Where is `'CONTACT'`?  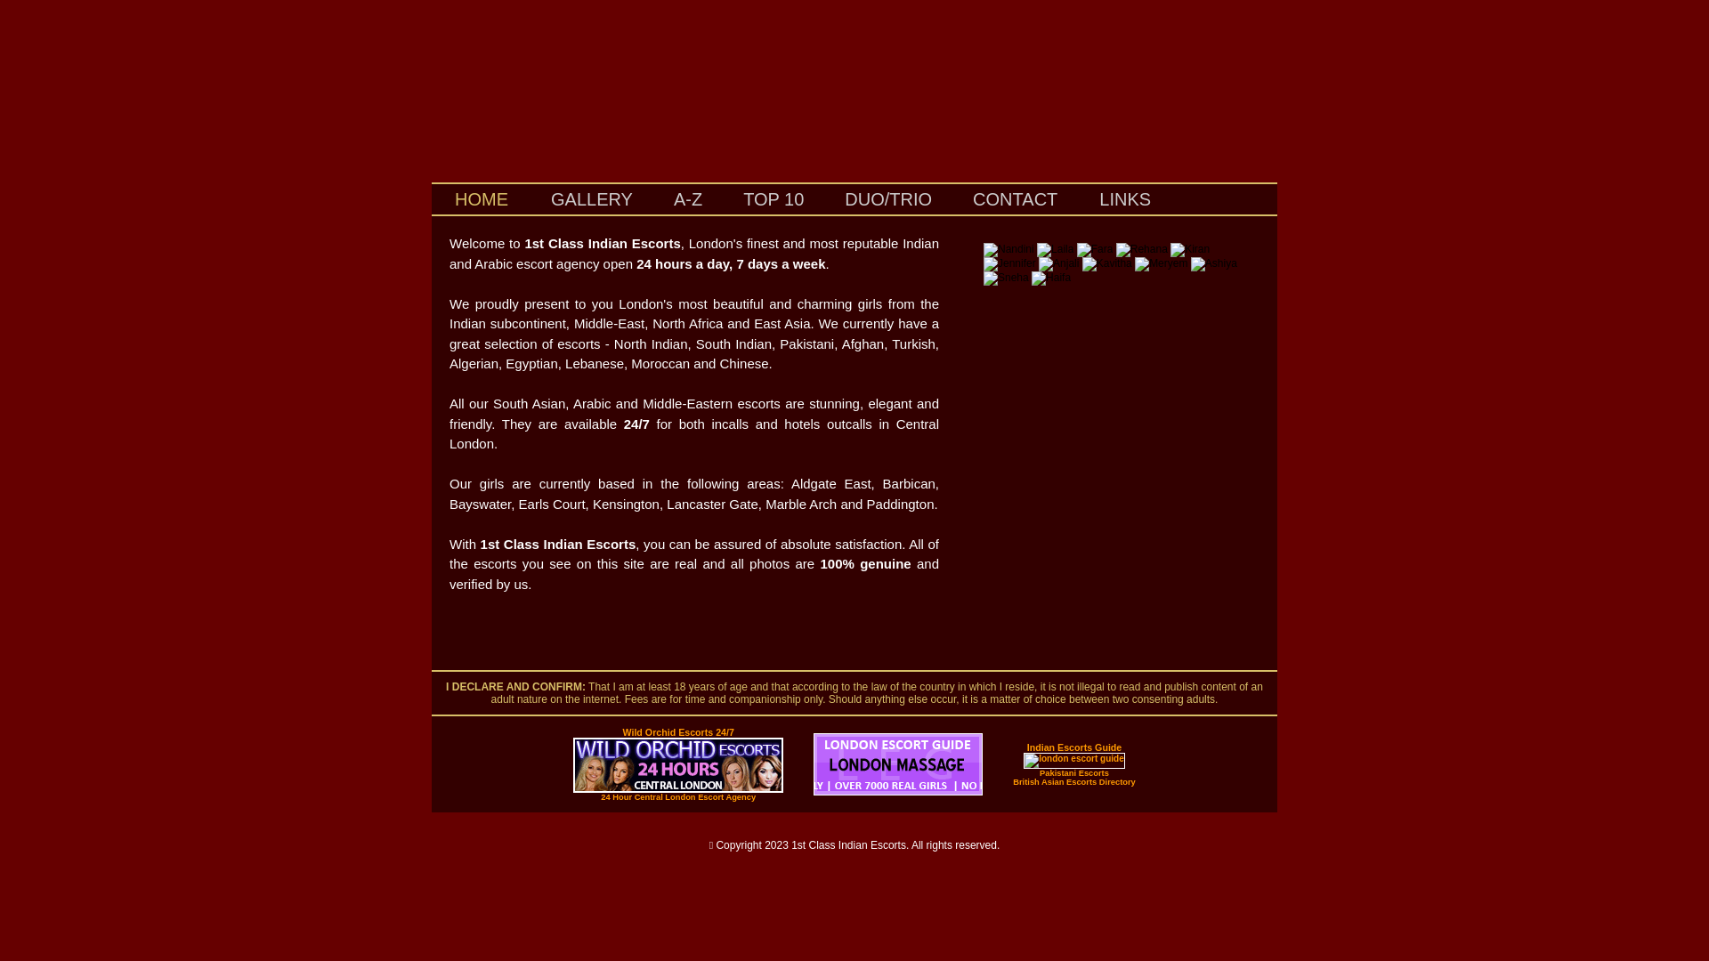 'CONTACT' is located at coordinates (952, 200).